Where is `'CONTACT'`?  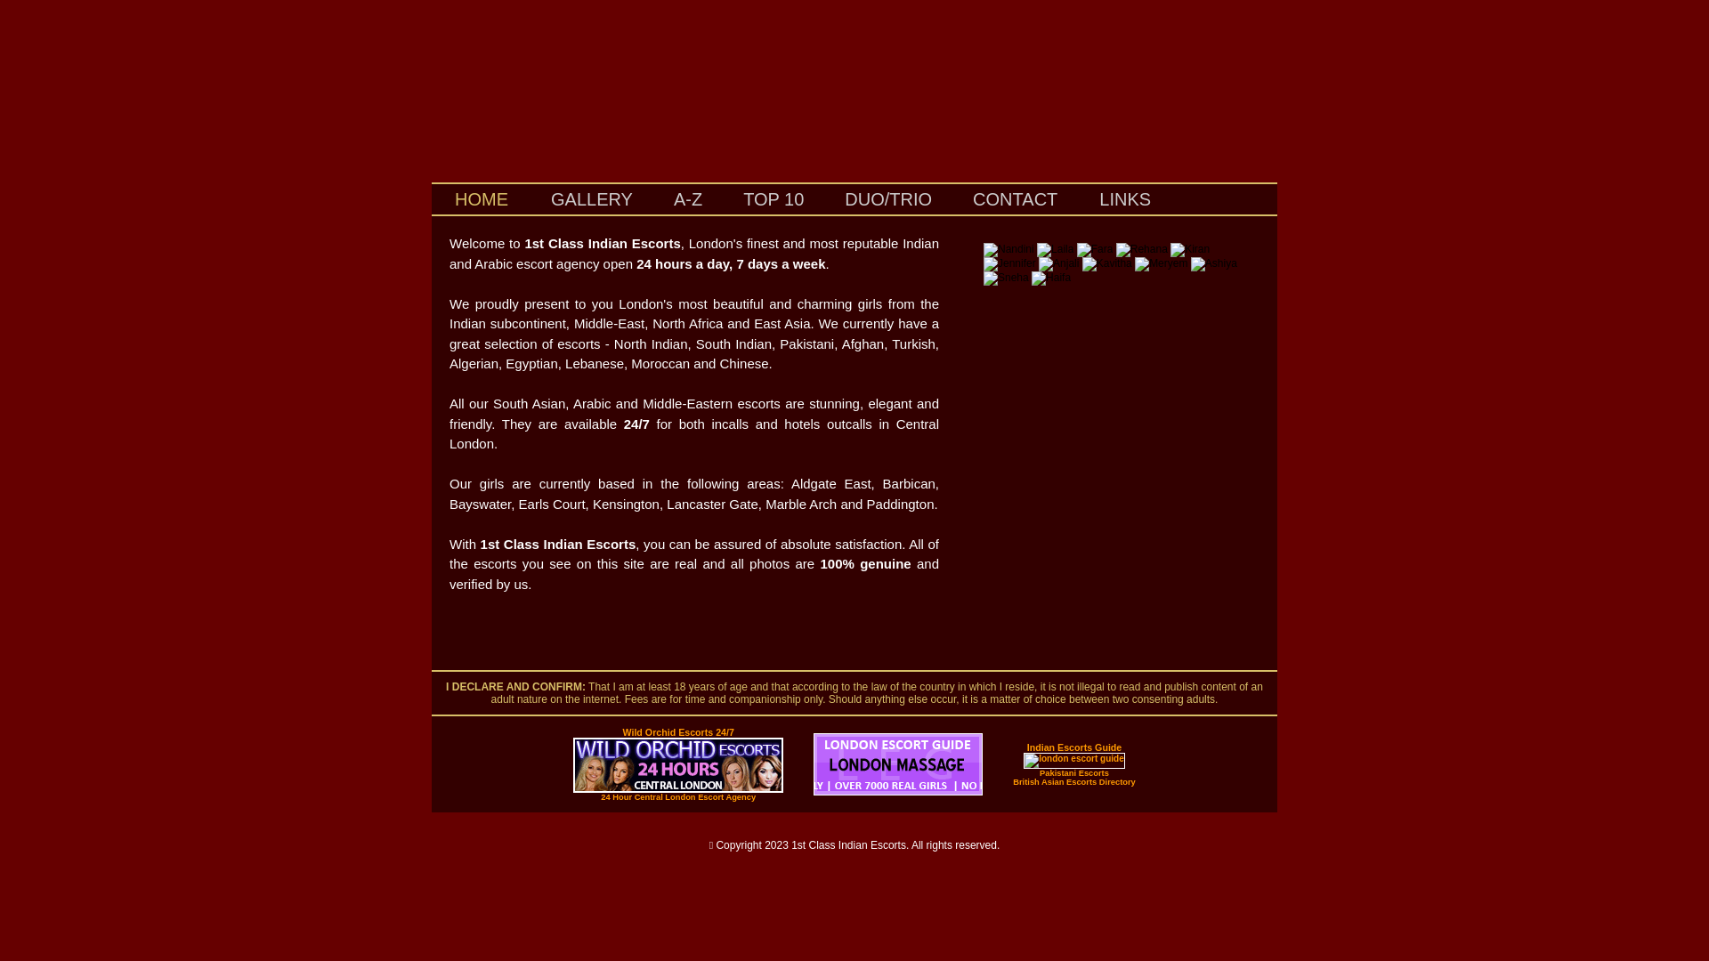 'CONTACT' is located at coordinates (952, 200).